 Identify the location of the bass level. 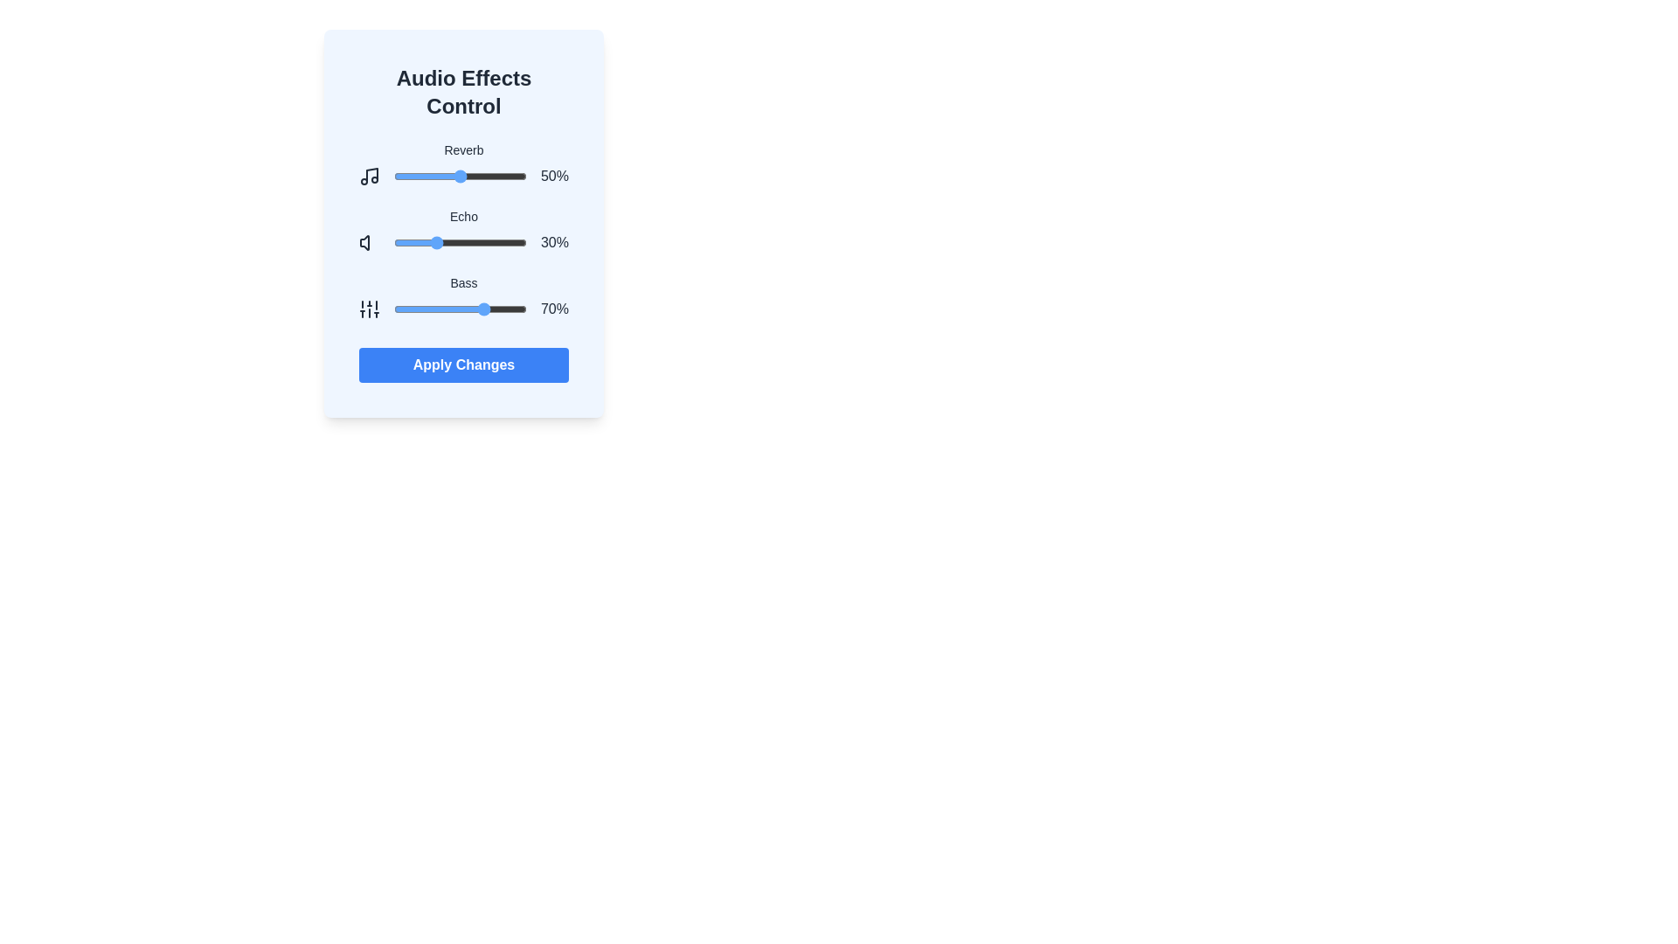
(498, 309).